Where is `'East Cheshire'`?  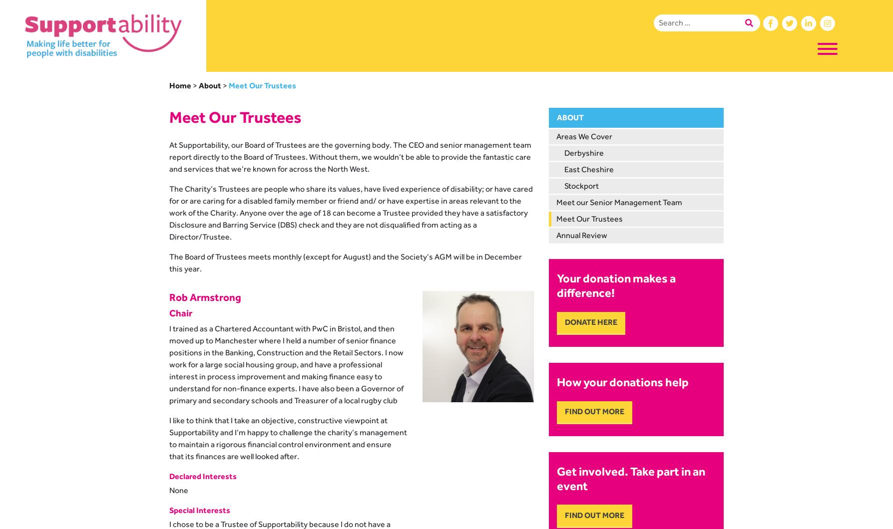 'East Cheshire' is located at coordinates (588, 169).